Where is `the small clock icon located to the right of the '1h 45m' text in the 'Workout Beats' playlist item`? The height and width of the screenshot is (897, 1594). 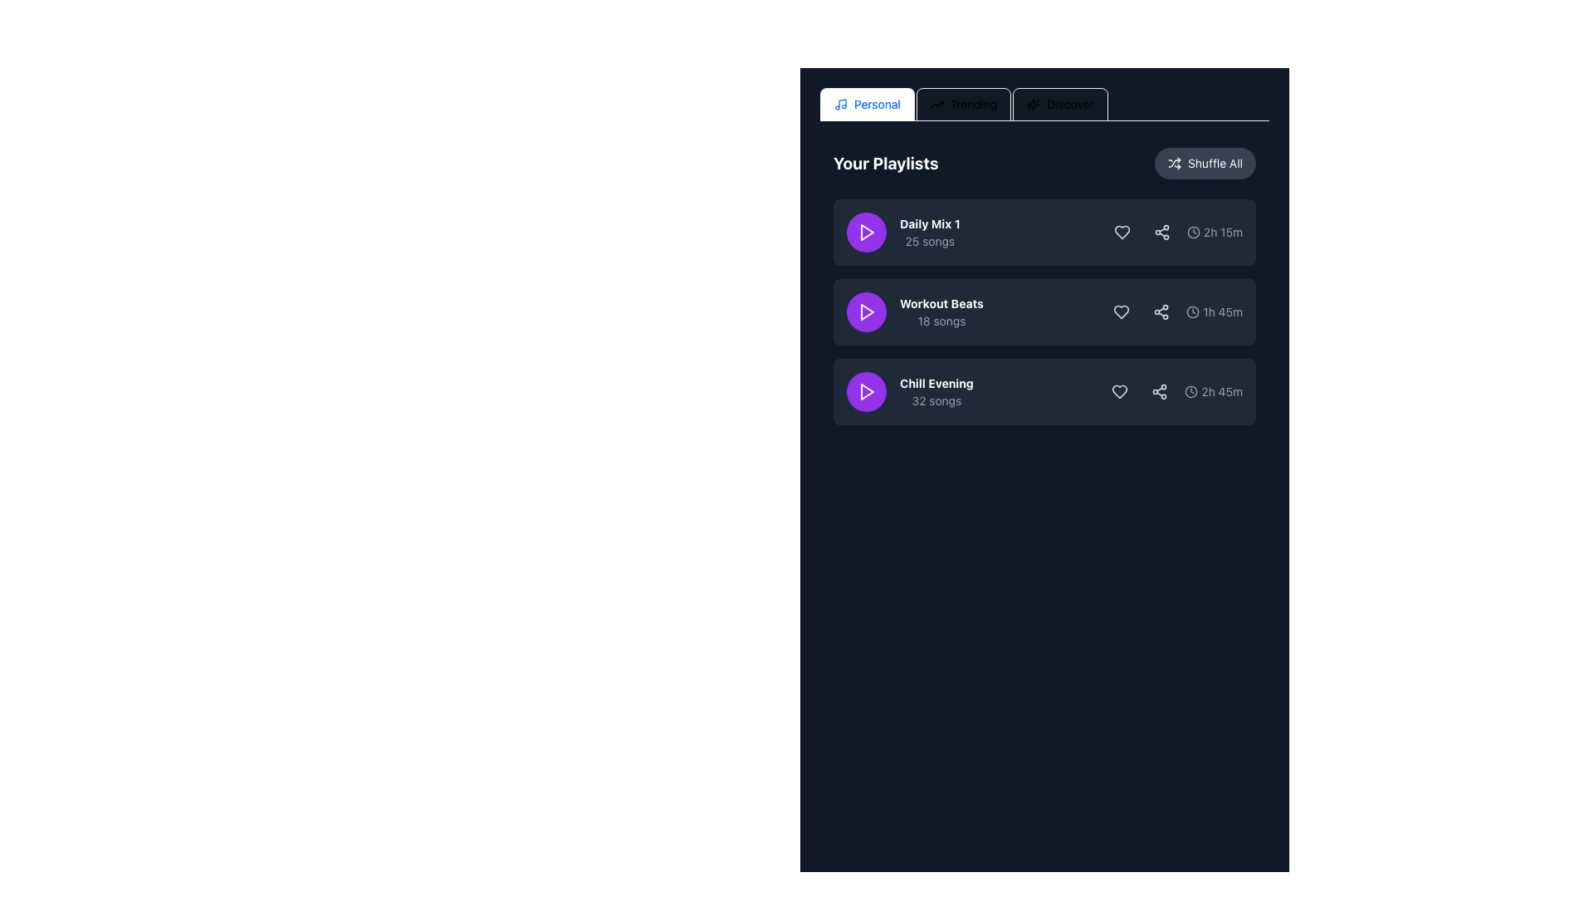
the small clock icon located to the right of the '1h 45m' text in the 'Workout Beats' playlist item is located at coordinates (1192, 311).